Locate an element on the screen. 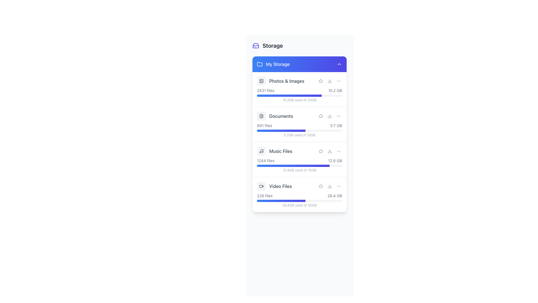 Image resolution: width=538 pixels, height=303 pixels. the favorite marker button located to the right of the 'Music Files' label, which allows users to flag or denote the associated file category for easy reference, to trigger a tooltip or visual feedback is located at coordinates (321, 151).